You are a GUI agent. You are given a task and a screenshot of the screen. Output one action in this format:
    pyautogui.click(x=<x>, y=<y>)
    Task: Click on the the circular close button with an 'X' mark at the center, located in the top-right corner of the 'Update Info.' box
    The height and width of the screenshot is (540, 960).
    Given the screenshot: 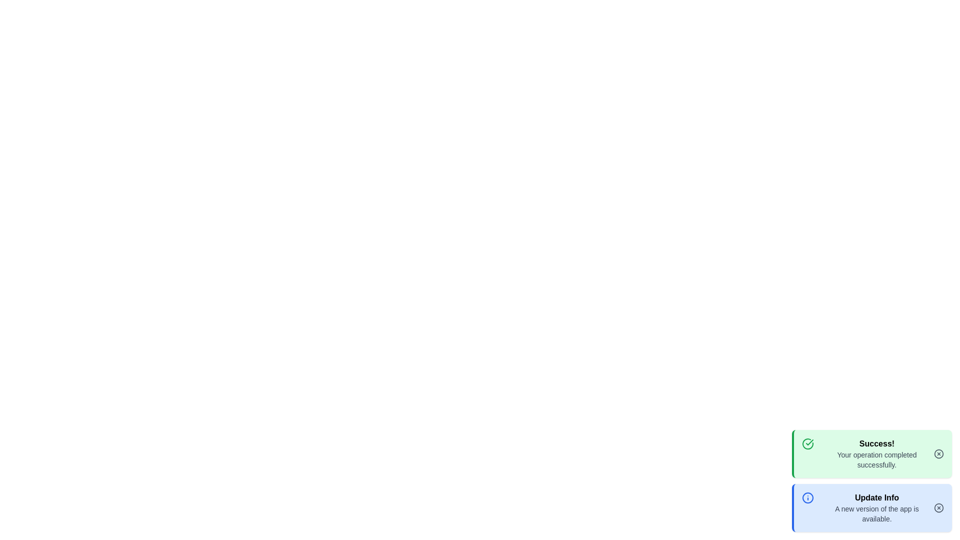 What is the action you would take?
    pyautogui.click(x=938, y=507)
    